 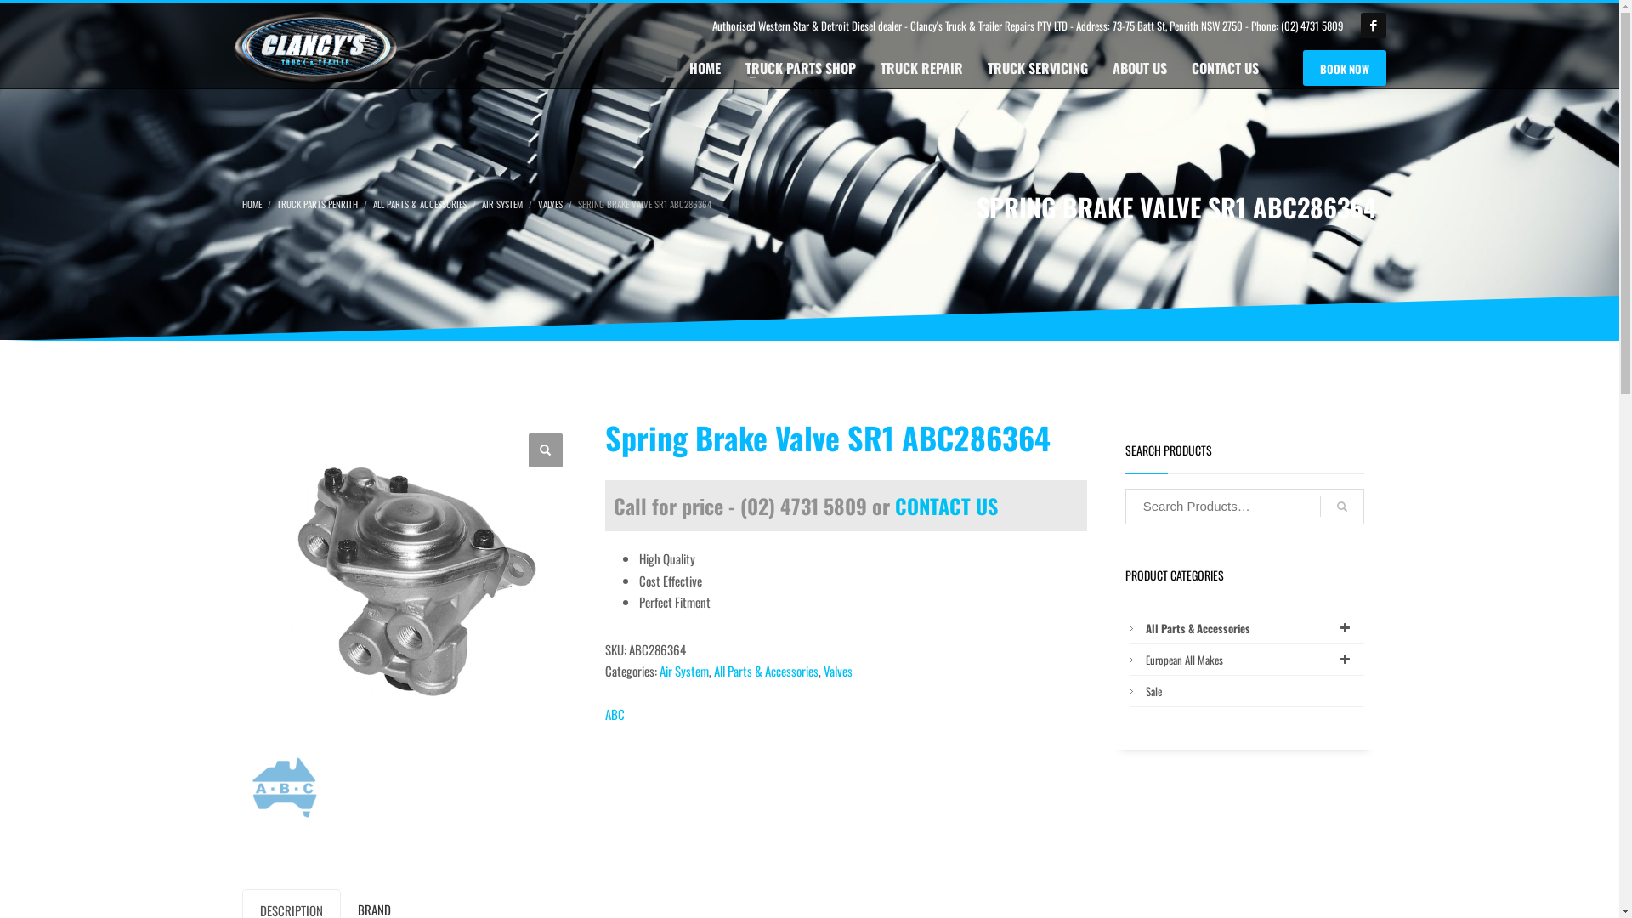 I want to click on 'All Parts & Accessories', so click(x=1252, y=628).